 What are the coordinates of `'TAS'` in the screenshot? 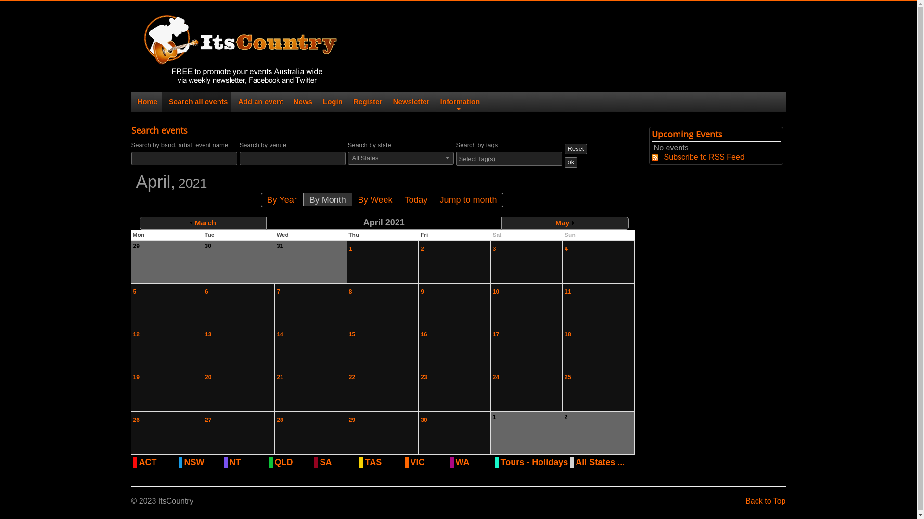 It's located at (364, 461).